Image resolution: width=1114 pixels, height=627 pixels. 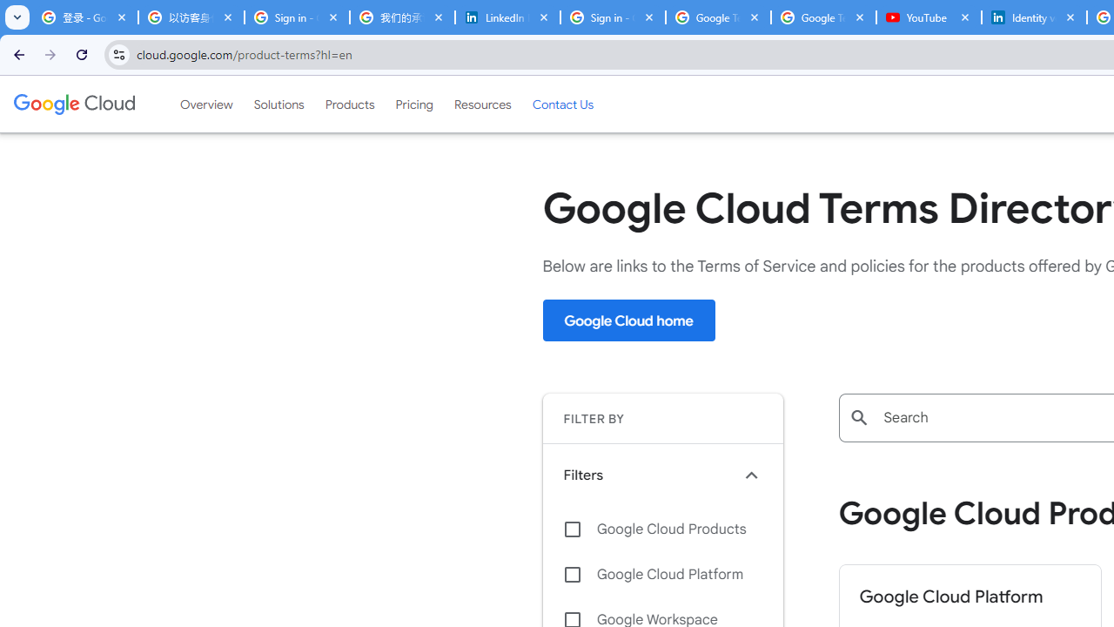 I want to click on 'YouTube', so click(x=928, y=17).